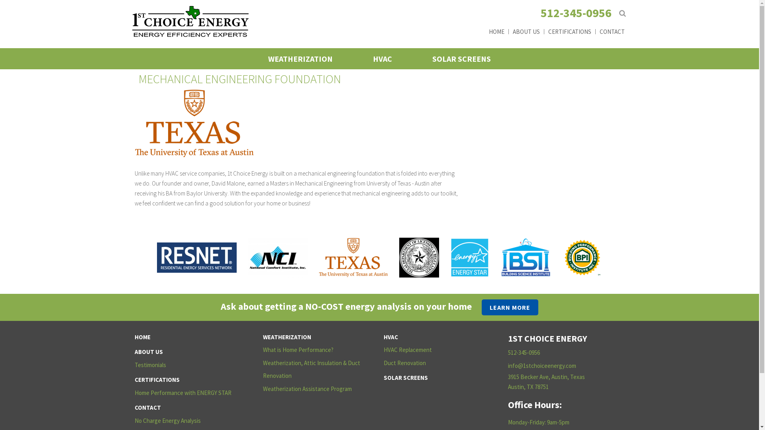  What do you see at coordinates (383, 363) in the screenshot?
I see `'Duct Renovation'` at bounding box center [383, 363].